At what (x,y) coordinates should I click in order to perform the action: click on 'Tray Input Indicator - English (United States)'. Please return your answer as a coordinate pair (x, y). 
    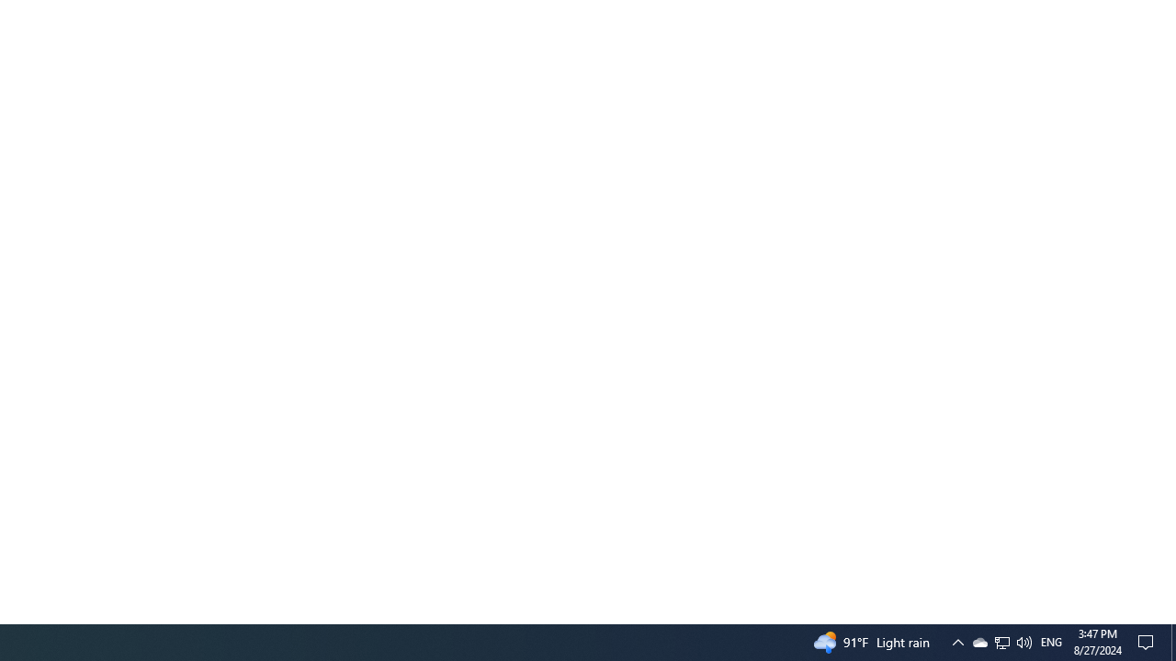
    Looking at the image, I should click on (1051, 641).